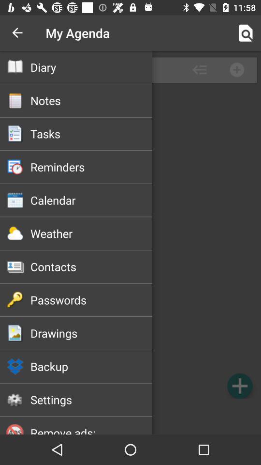 Image resolution: width=261 pixels, height=465 pixels. I want to click on icon above tasks, so click(91, 100).